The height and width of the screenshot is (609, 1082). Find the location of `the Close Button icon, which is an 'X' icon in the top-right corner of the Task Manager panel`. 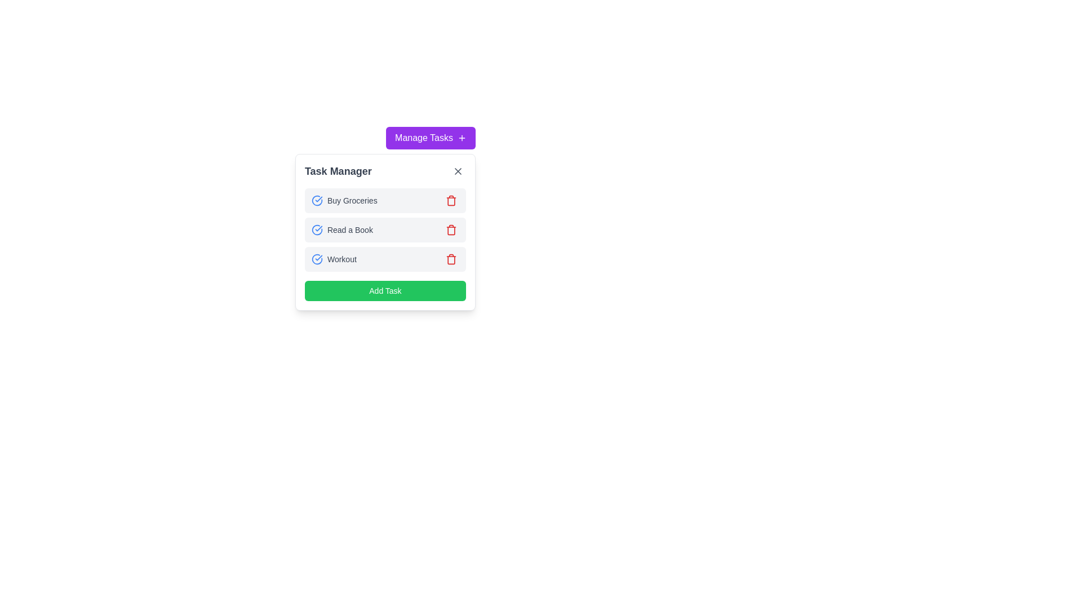

the Close Button icon, which is an 'X' icon in the top-right corner of the Task Manager panel is located at coordinates (458, 171).